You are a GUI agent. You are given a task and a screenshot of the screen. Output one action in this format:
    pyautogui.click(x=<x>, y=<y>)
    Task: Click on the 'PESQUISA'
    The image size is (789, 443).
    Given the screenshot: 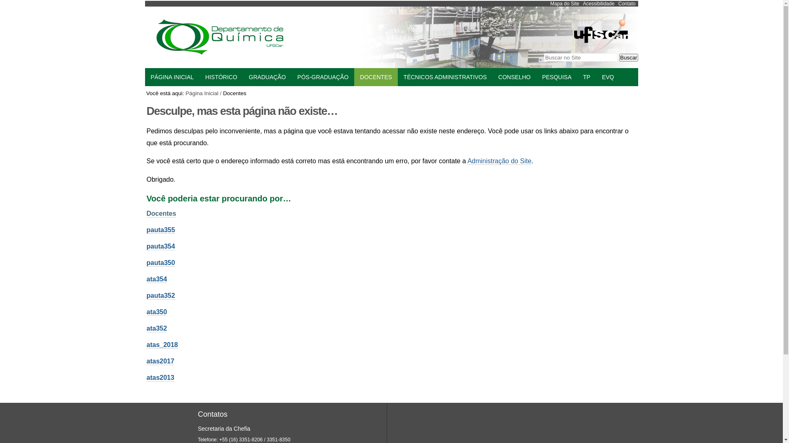 What is the action you would take?
    pyautogui.click(x=556, y=77)
    